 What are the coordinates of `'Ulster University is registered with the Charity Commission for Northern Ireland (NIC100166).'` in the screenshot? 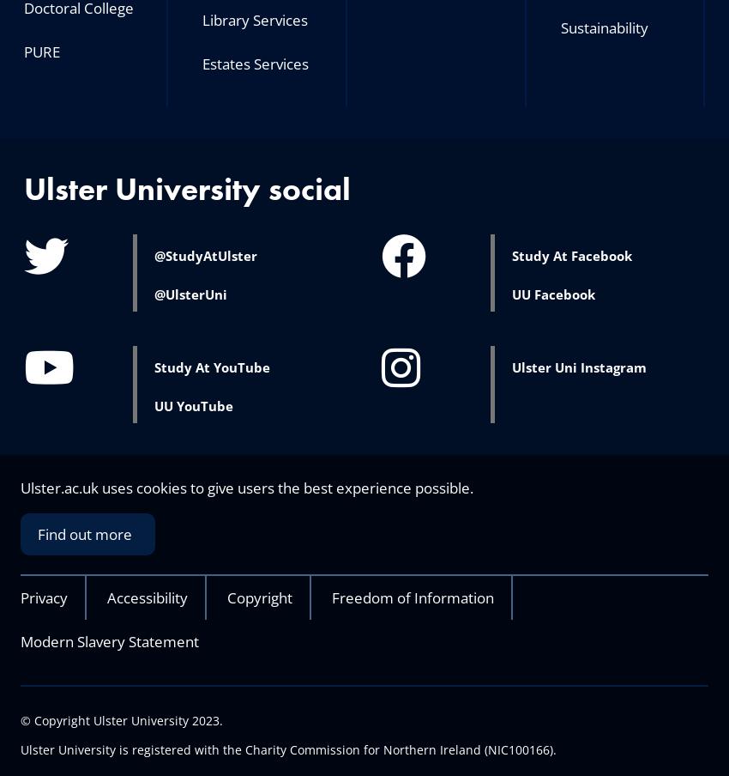 It's located at (19, 749).